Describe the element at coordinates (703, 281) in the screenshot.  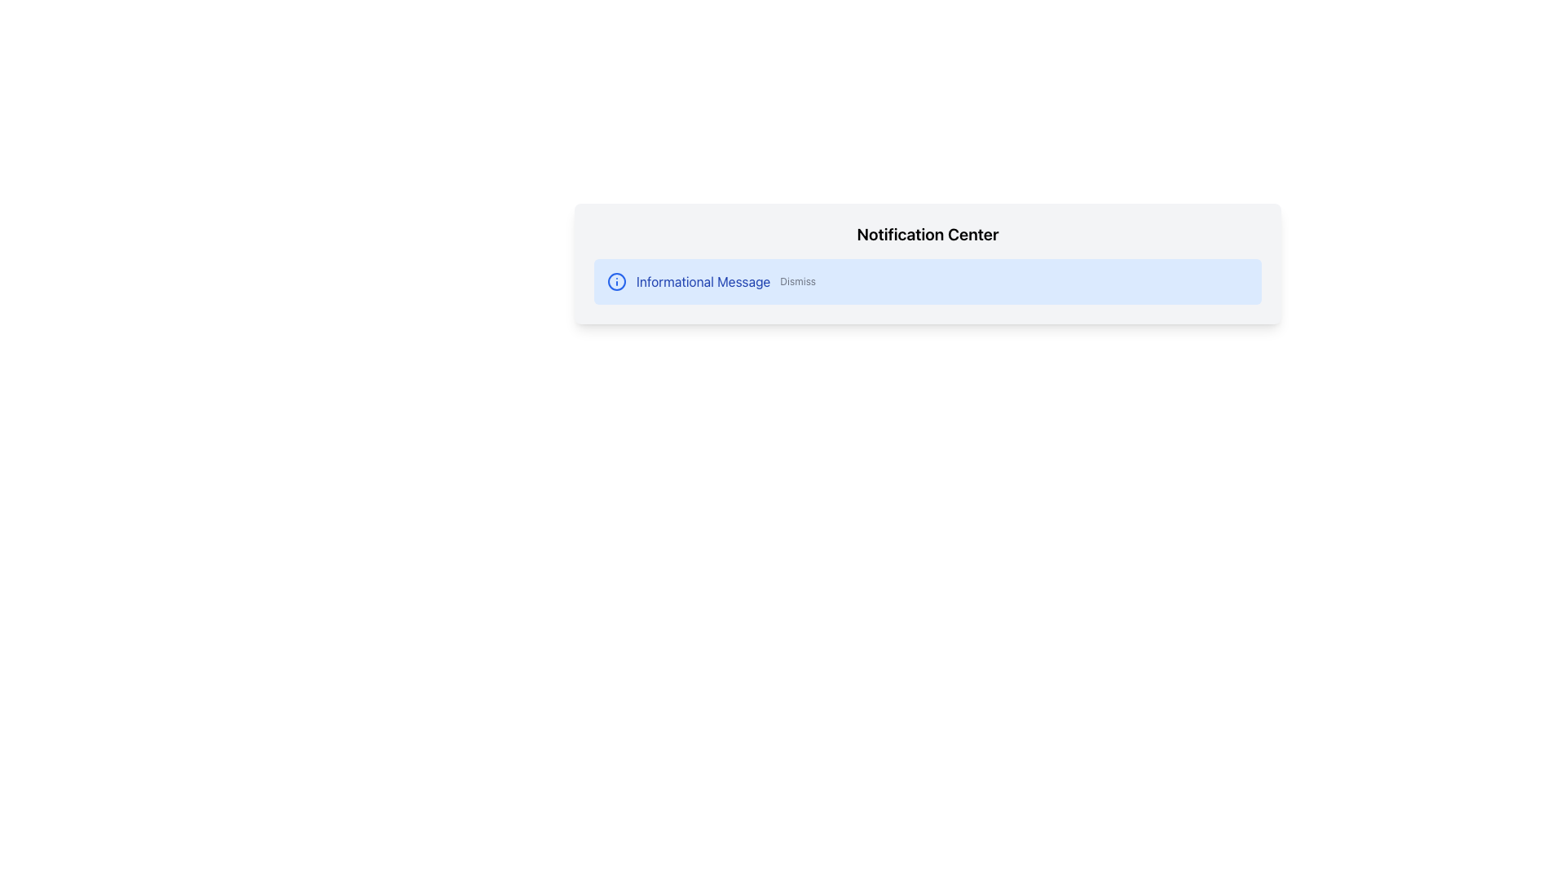
I see `the Text Label located between the informational icon and the 'Dismiss' action link within the notification panel` at that location.